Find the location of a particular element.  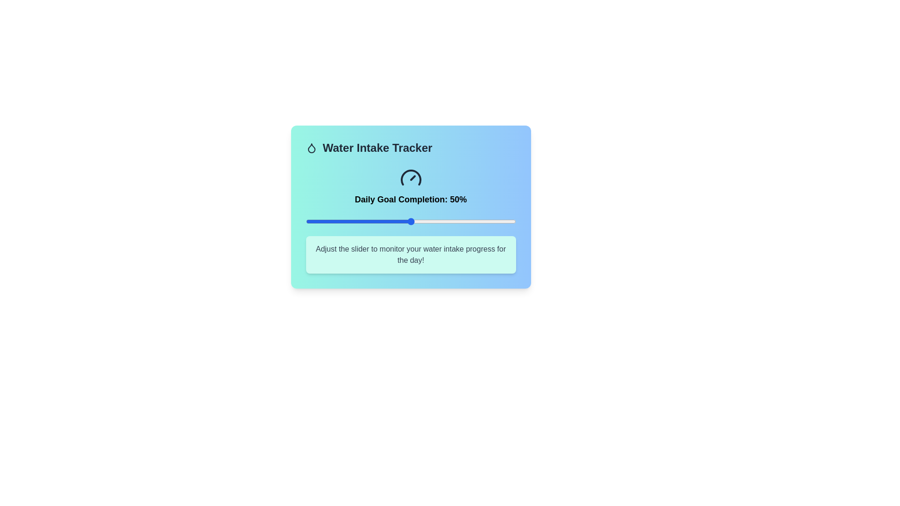

the slider to set the water intake percentage to 97% is located at coordinates (509, 222).